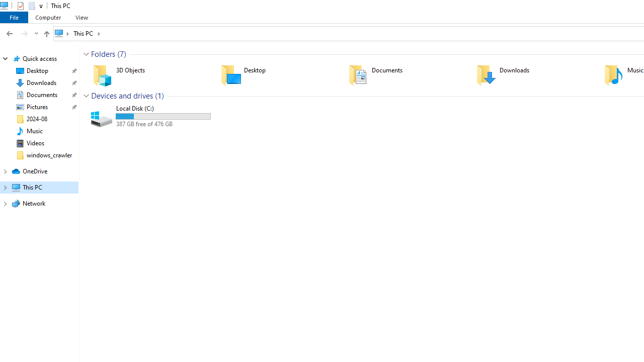  I want to click on 'Navigation buttons', so click(21, 33).